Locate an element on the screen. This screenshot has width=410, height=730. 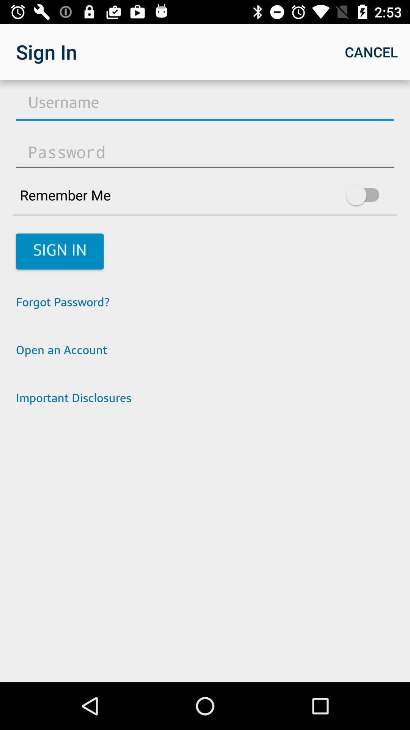
the icon at the top right corner is located at coordinates (371, 51).